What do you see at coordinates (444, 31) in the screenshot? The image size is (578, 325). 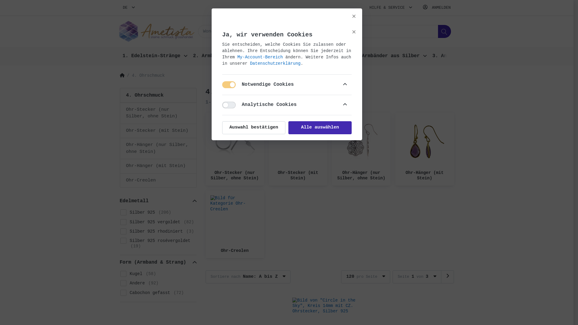 I see `'Suchen'` at bounding box center [444, 31].